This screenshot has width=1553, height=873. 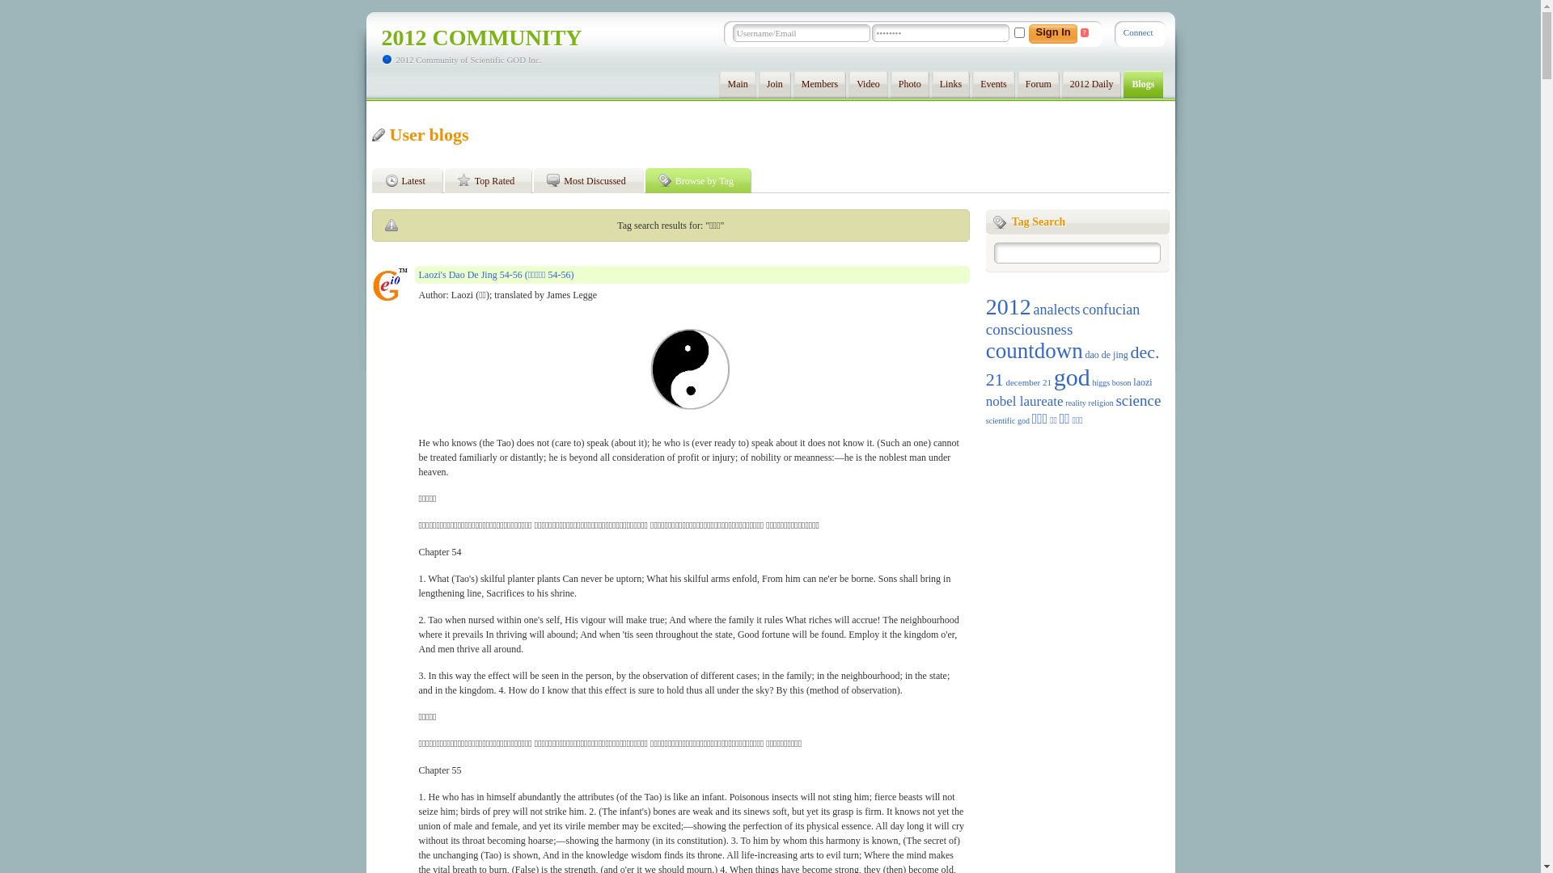 What do you see at coordinates (1024, 400) in the screenshot?
I see `'nobel laureate'` at bounding box center [1024, 400].